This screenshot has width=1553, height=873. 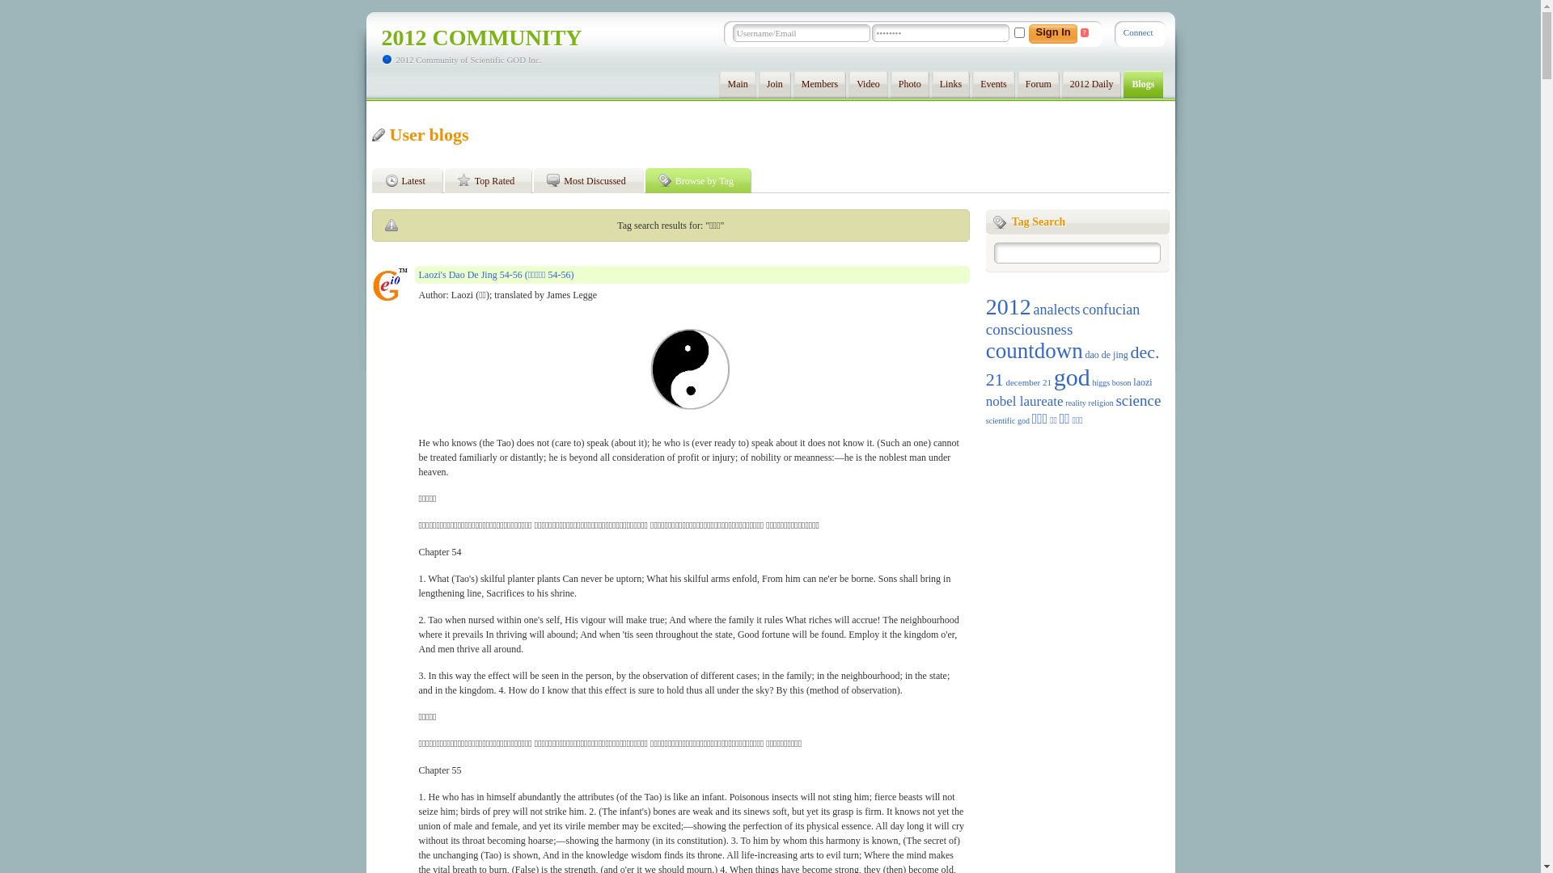 What do you see at coordinates (1024, 400) in the screenshot?
I see `'nobel laureate'` at bounding box center [1024, 400].